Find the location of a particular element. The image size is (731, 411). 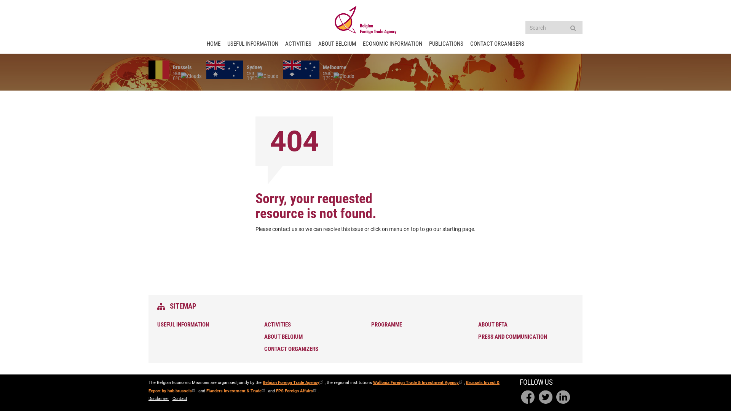

'Follow us on Facebook' is located at coordinates (528, 397).